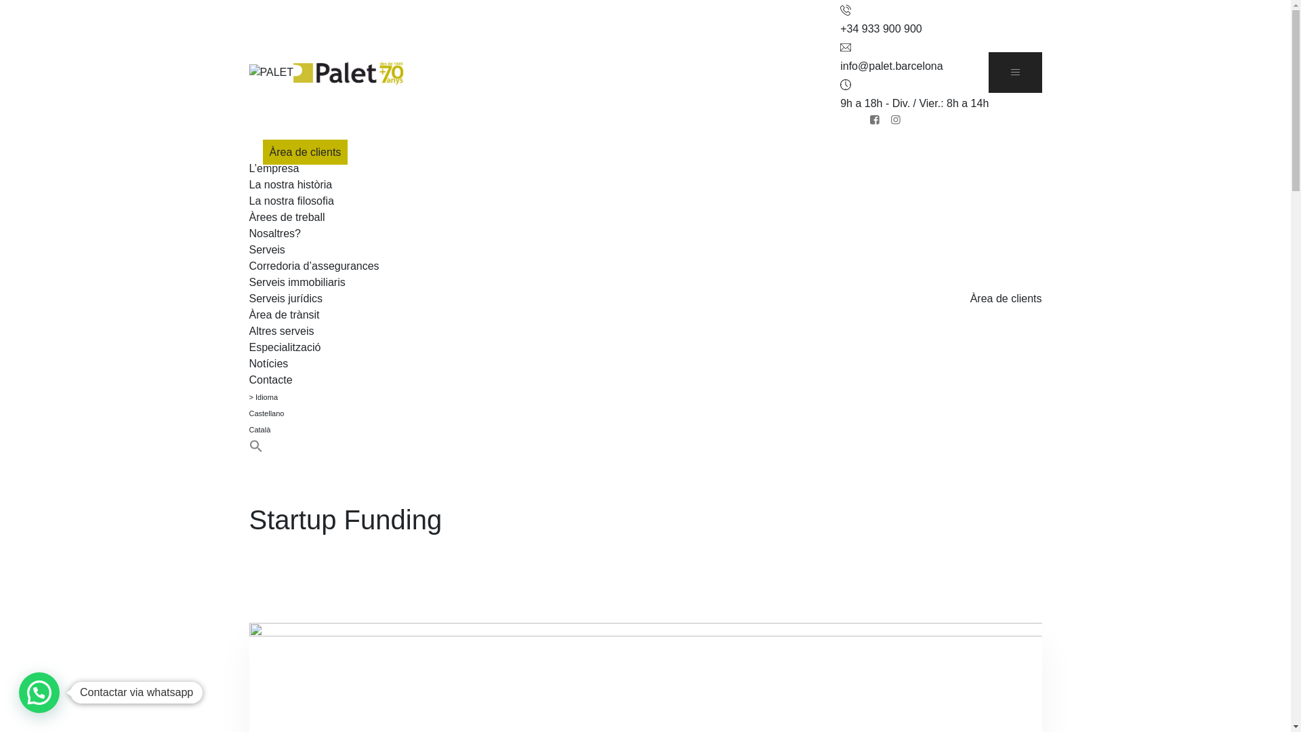 Image resolution: width=1301 pixels, height=732 pixels. I want to click on 'La nostra filosofia', so click(291, 201).